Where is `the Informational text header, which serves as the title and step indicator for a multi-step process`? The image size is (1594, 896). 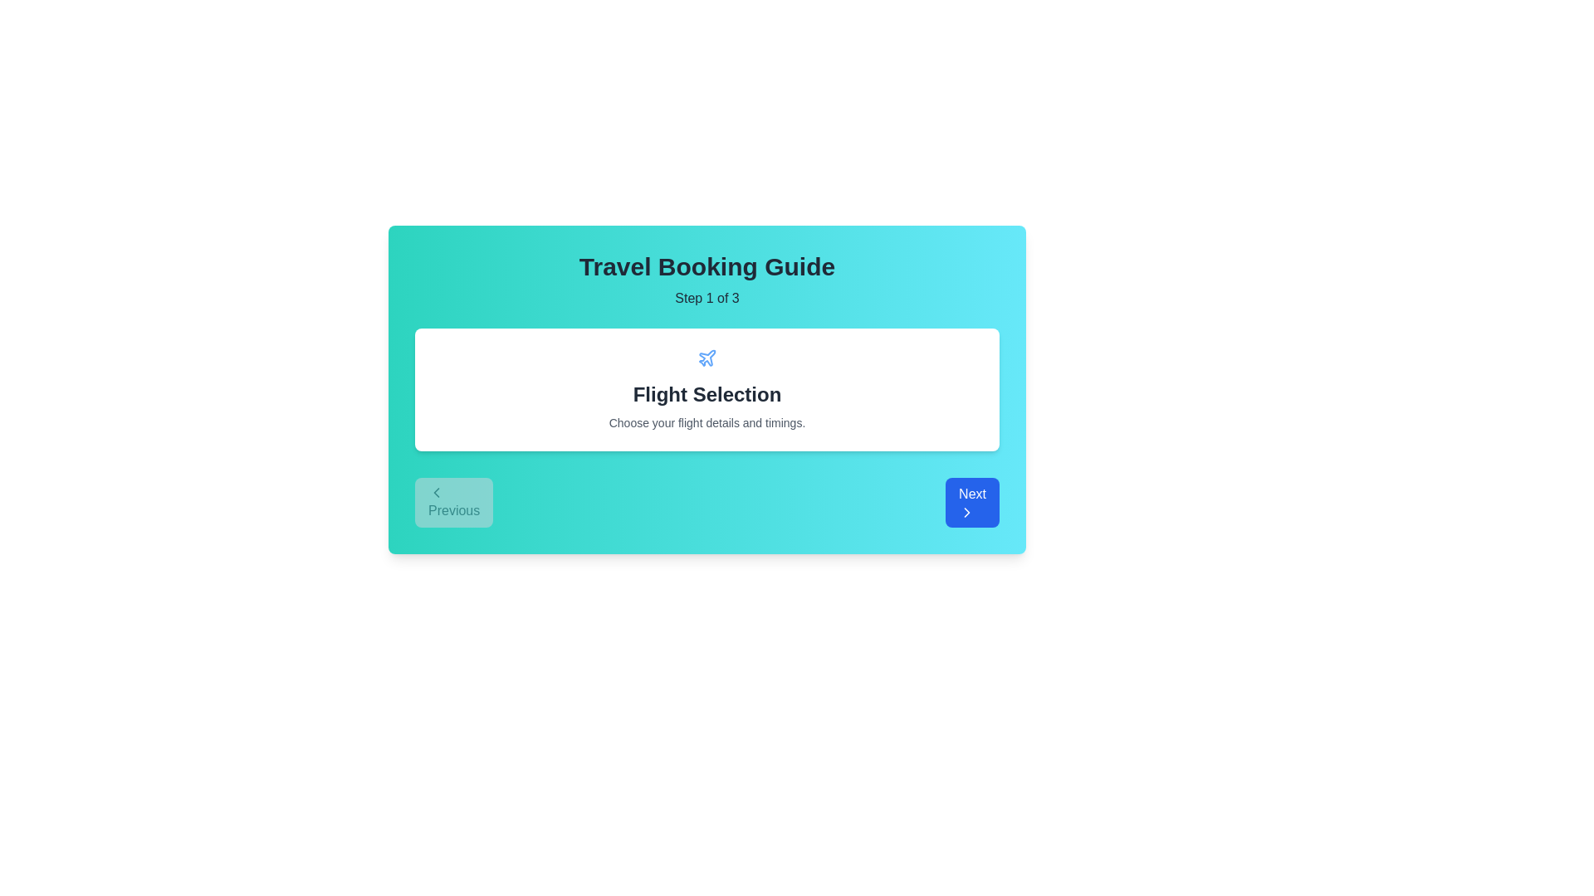
the Informational text header, which serves as the title and step indicator for a multi-step process is located at coordinates (707, 280).